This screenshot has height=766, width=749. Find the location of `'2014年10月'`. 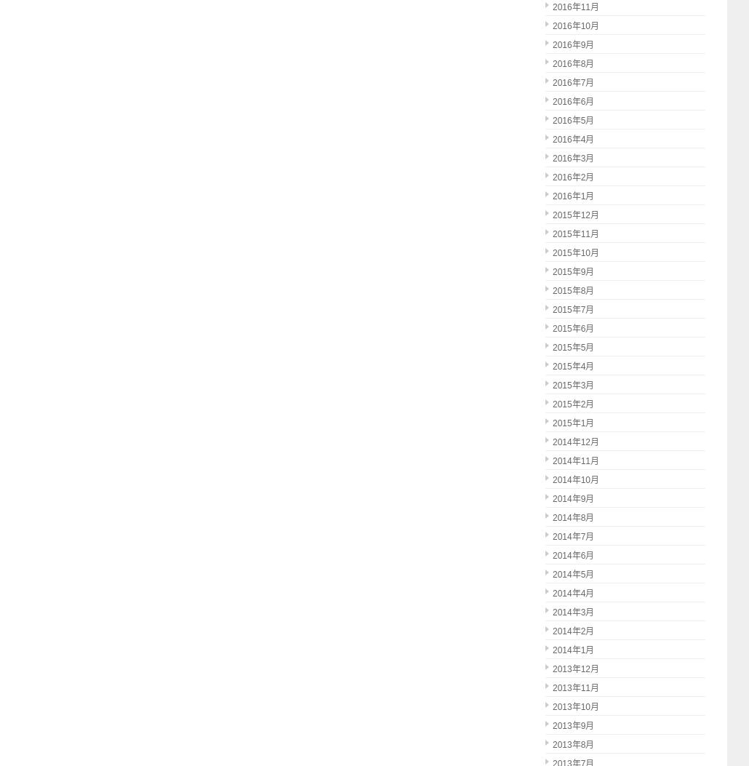

'2014年10月' is located at coordinates (574, 479).